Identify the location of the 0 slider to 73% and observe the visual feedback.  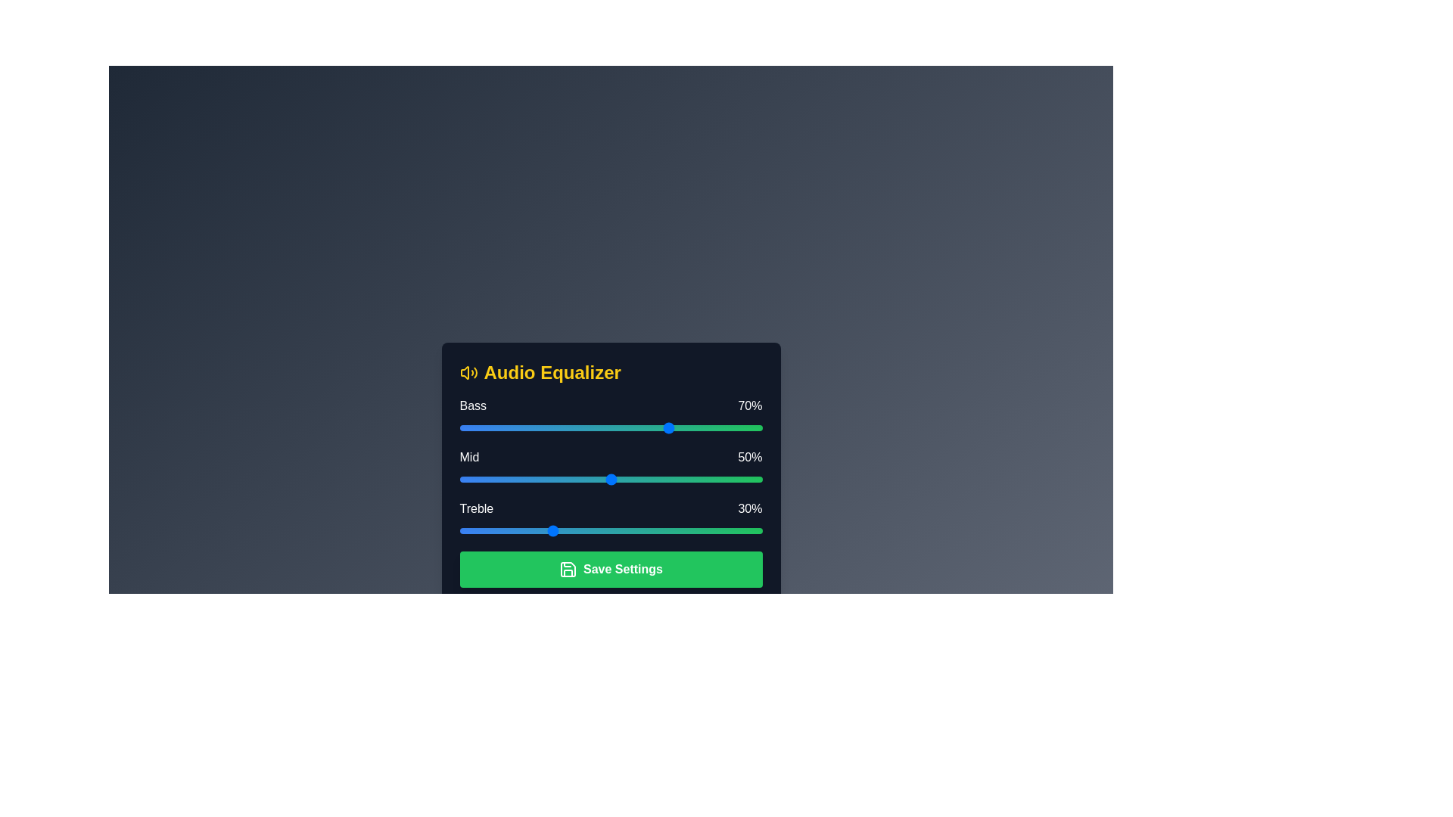
(680, 428).